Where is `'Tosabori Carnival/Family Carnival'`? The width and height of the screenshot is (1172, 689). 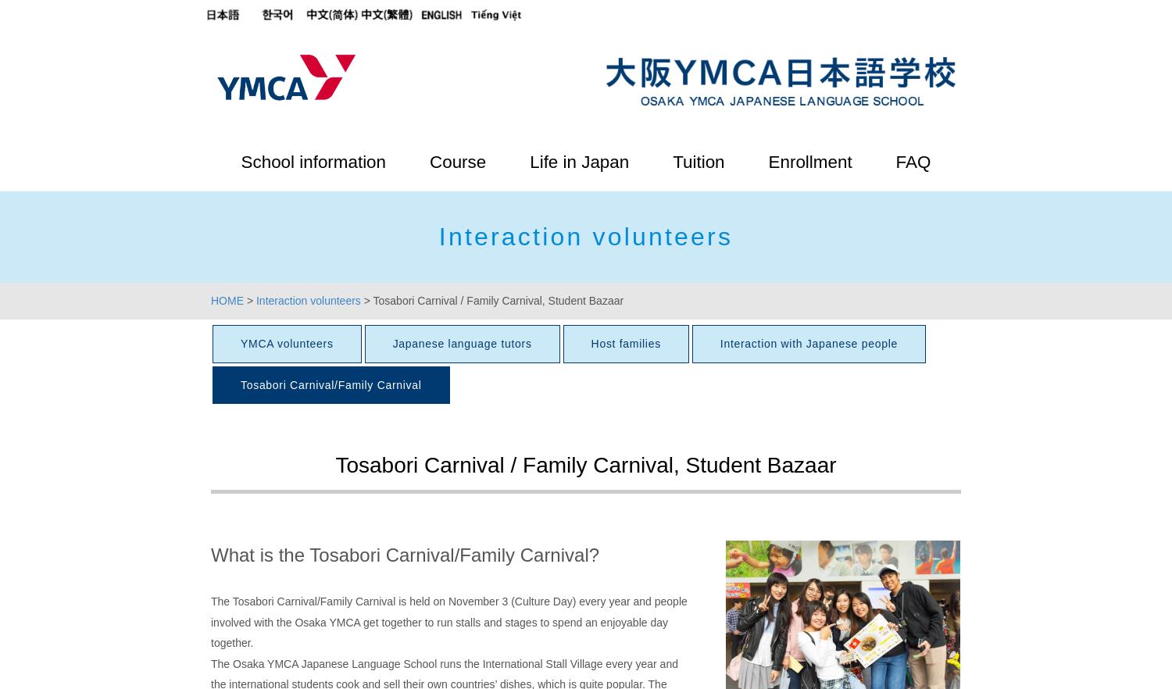
'Tosabori Carnival/Family Carnival' is located at coordinates (331, 383).